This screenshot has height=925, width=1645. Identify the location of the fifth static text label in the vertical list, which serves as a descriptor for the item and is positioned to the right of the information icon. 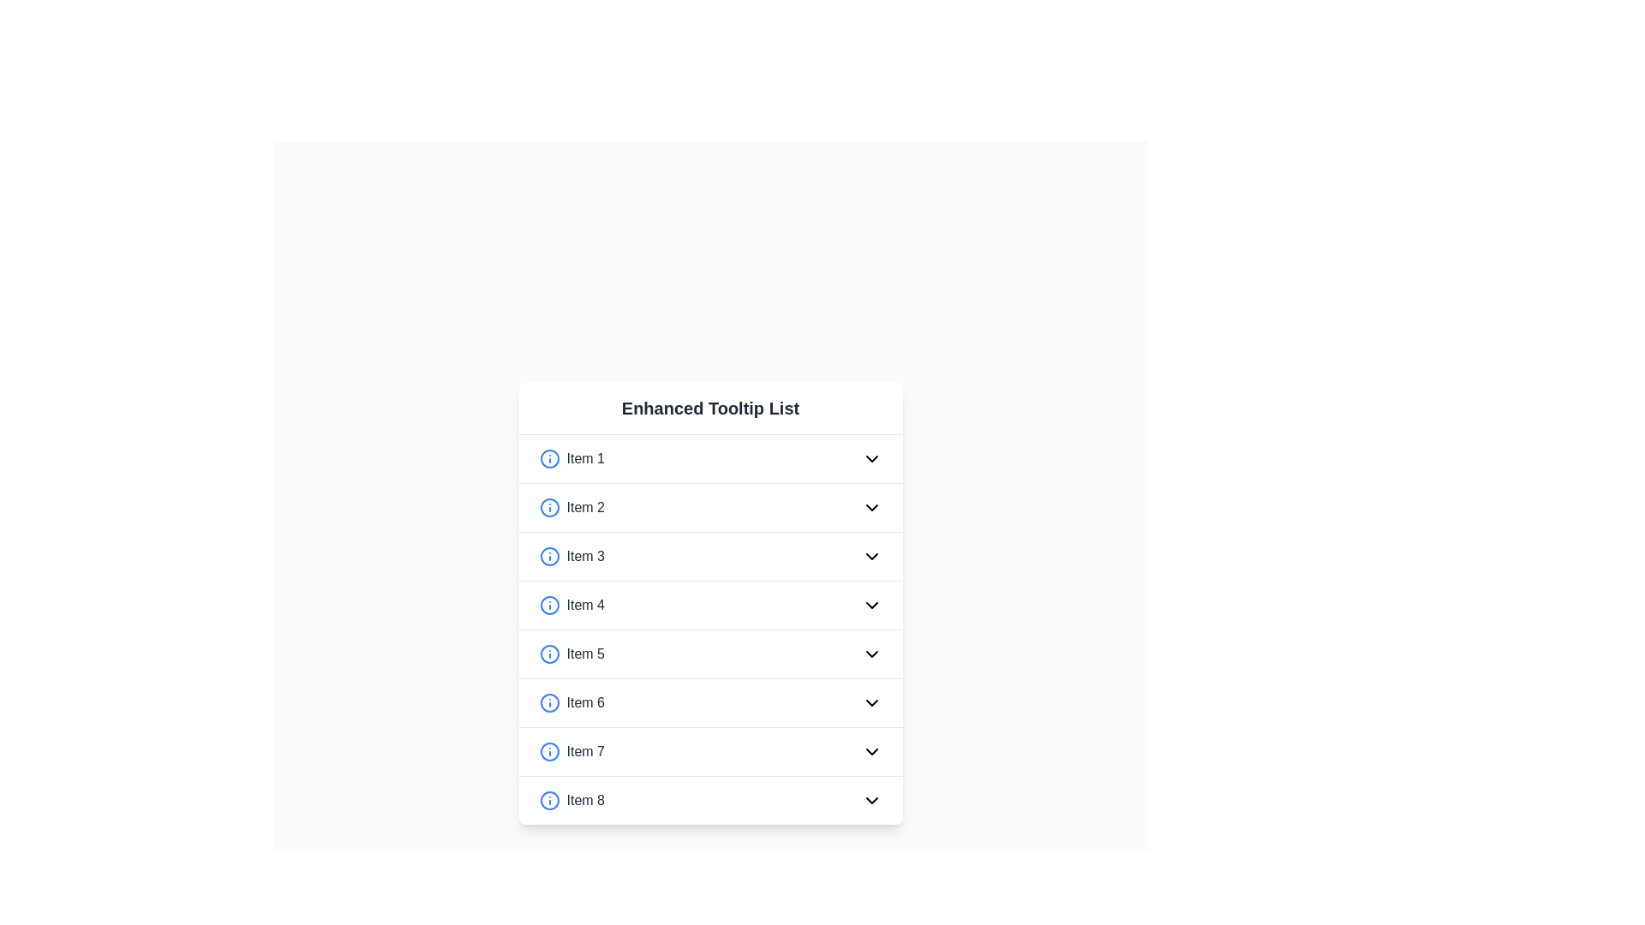
(585, 653).